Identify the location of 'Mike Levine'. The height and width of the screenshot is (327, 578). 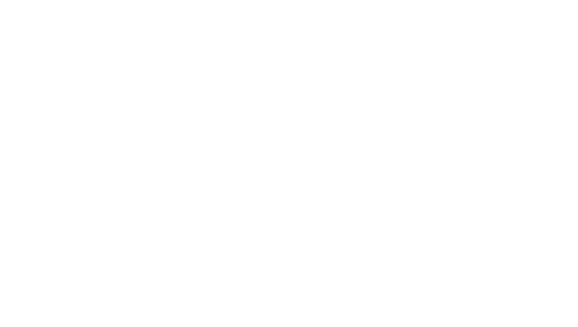
(210, 82).